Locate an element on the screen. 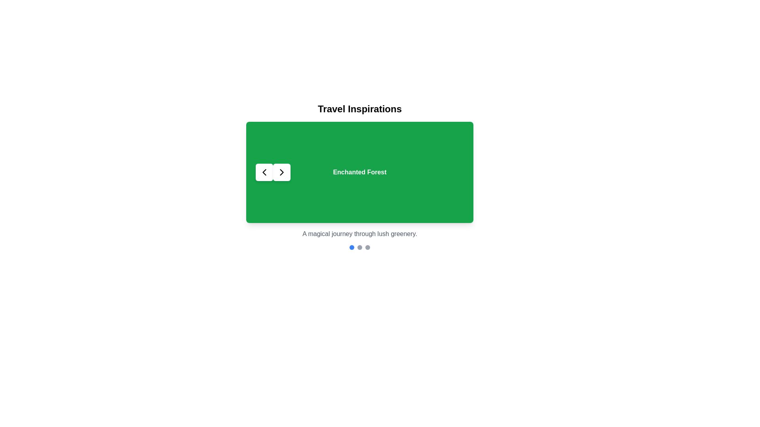 This screenshot has width=760, height=427. the middle gray circular indicator located below the green content box is located at coordinates (359, 247).